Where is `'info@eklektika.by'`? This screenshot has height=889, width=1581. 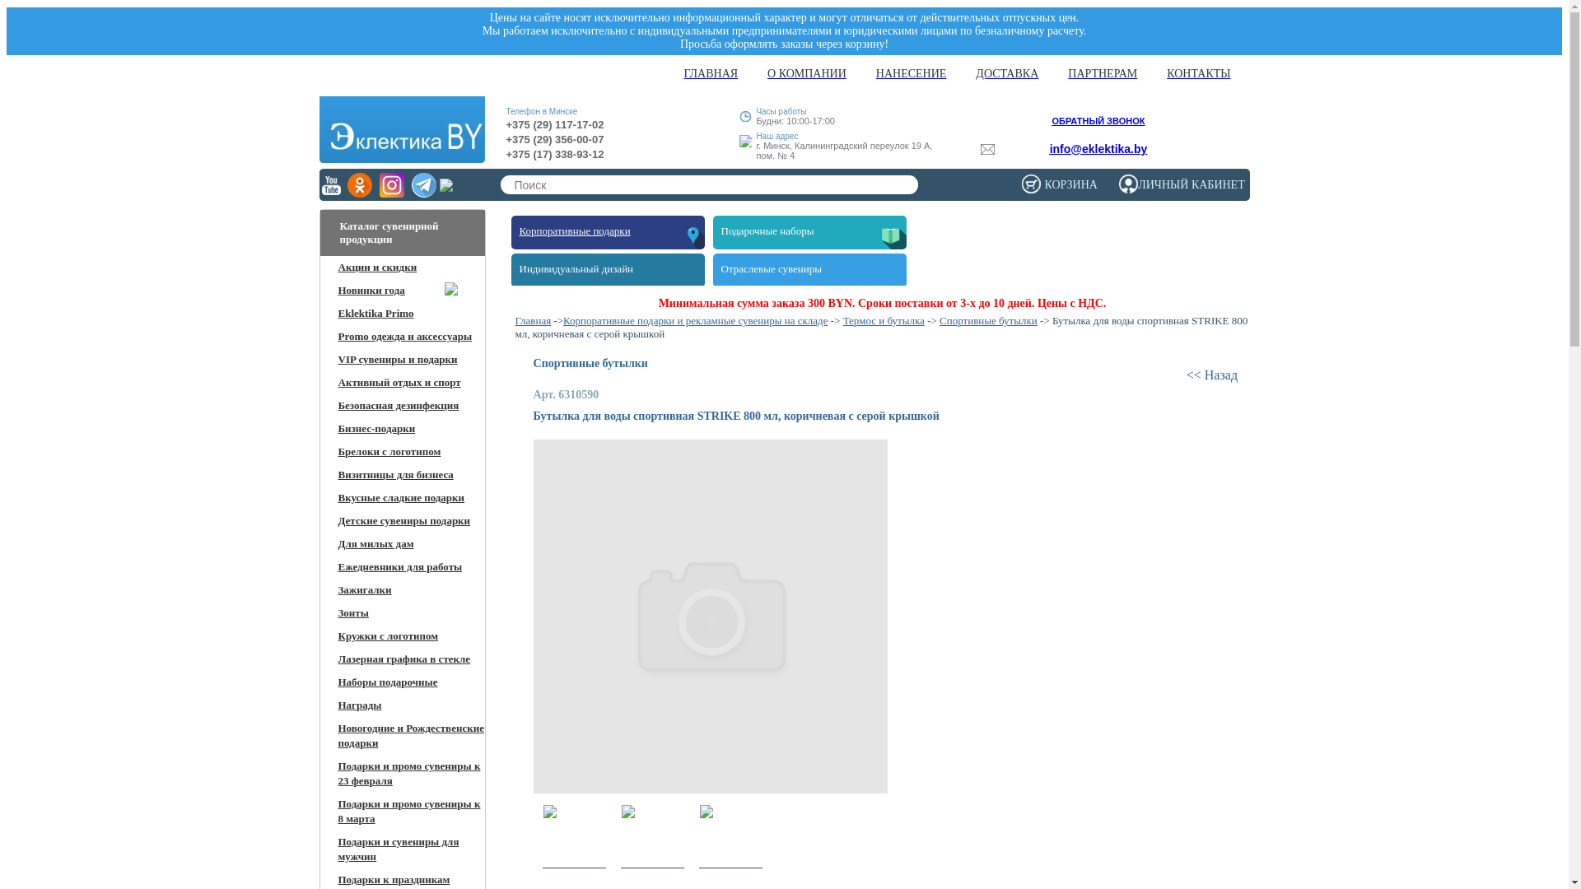
'info@eklektika.by' is located at coordinates (1092, 149).